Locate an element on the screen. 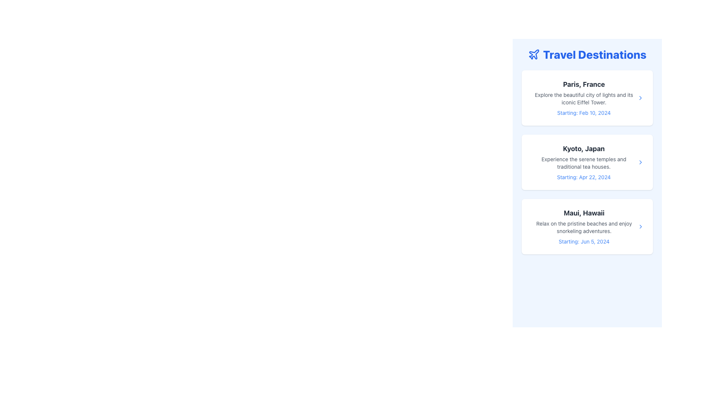 This screenshot has height=404, width=718. information displayed in the Informational card that shows 'Kyoto, Japan' with its description and starting date is located at coordinates (583, 162).